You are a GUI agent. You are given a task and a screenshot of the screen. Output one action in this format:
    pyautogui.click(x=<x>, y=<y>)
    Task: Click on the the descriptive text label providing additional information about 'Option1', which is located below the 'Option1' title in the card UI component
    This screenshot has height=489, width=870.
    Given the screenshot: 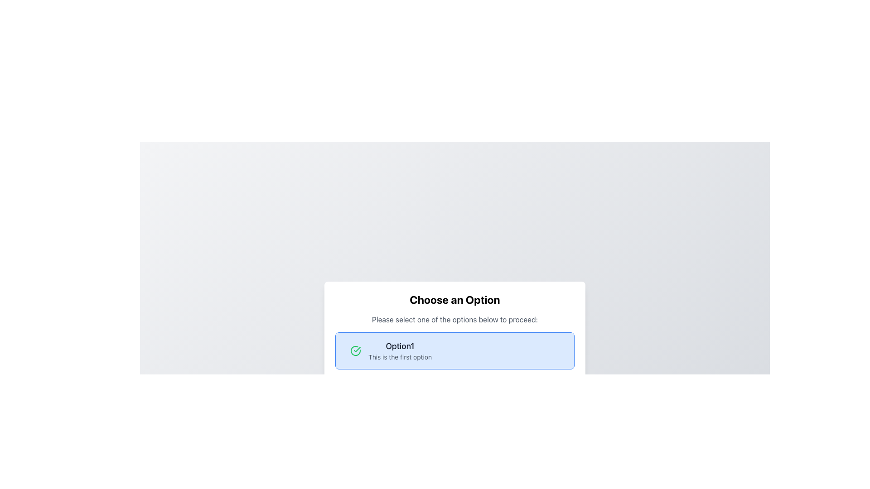 What is the action you would take?
    pyautogui.click(x=400, y=357)
    